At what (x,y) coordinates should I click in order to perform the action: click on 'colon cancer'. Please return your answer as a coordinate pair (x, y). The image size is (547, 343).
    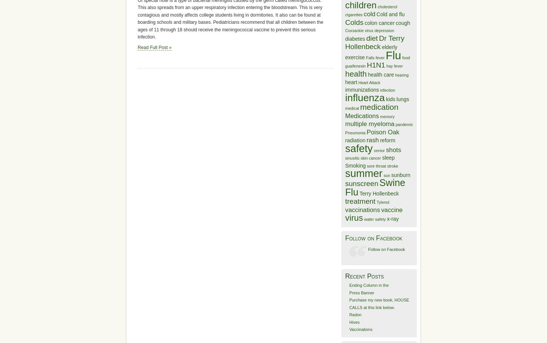
    Looking at the image, I should click on (380, 22).